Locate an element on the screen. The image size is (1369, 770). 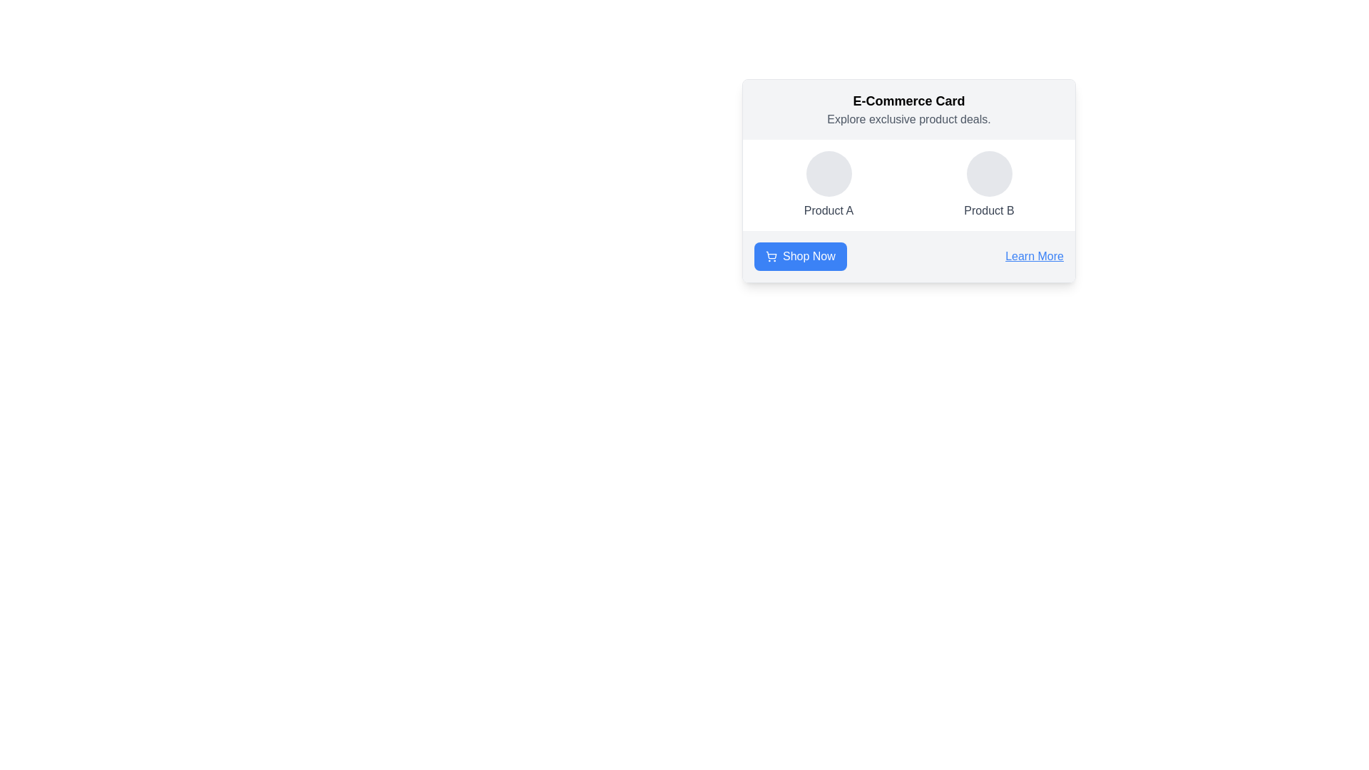
the distinct 'Learn More' hyperlink text located in the lower-right corner of the e-commerce card under the 'Product B' section is located at coordinates (1035, 255).